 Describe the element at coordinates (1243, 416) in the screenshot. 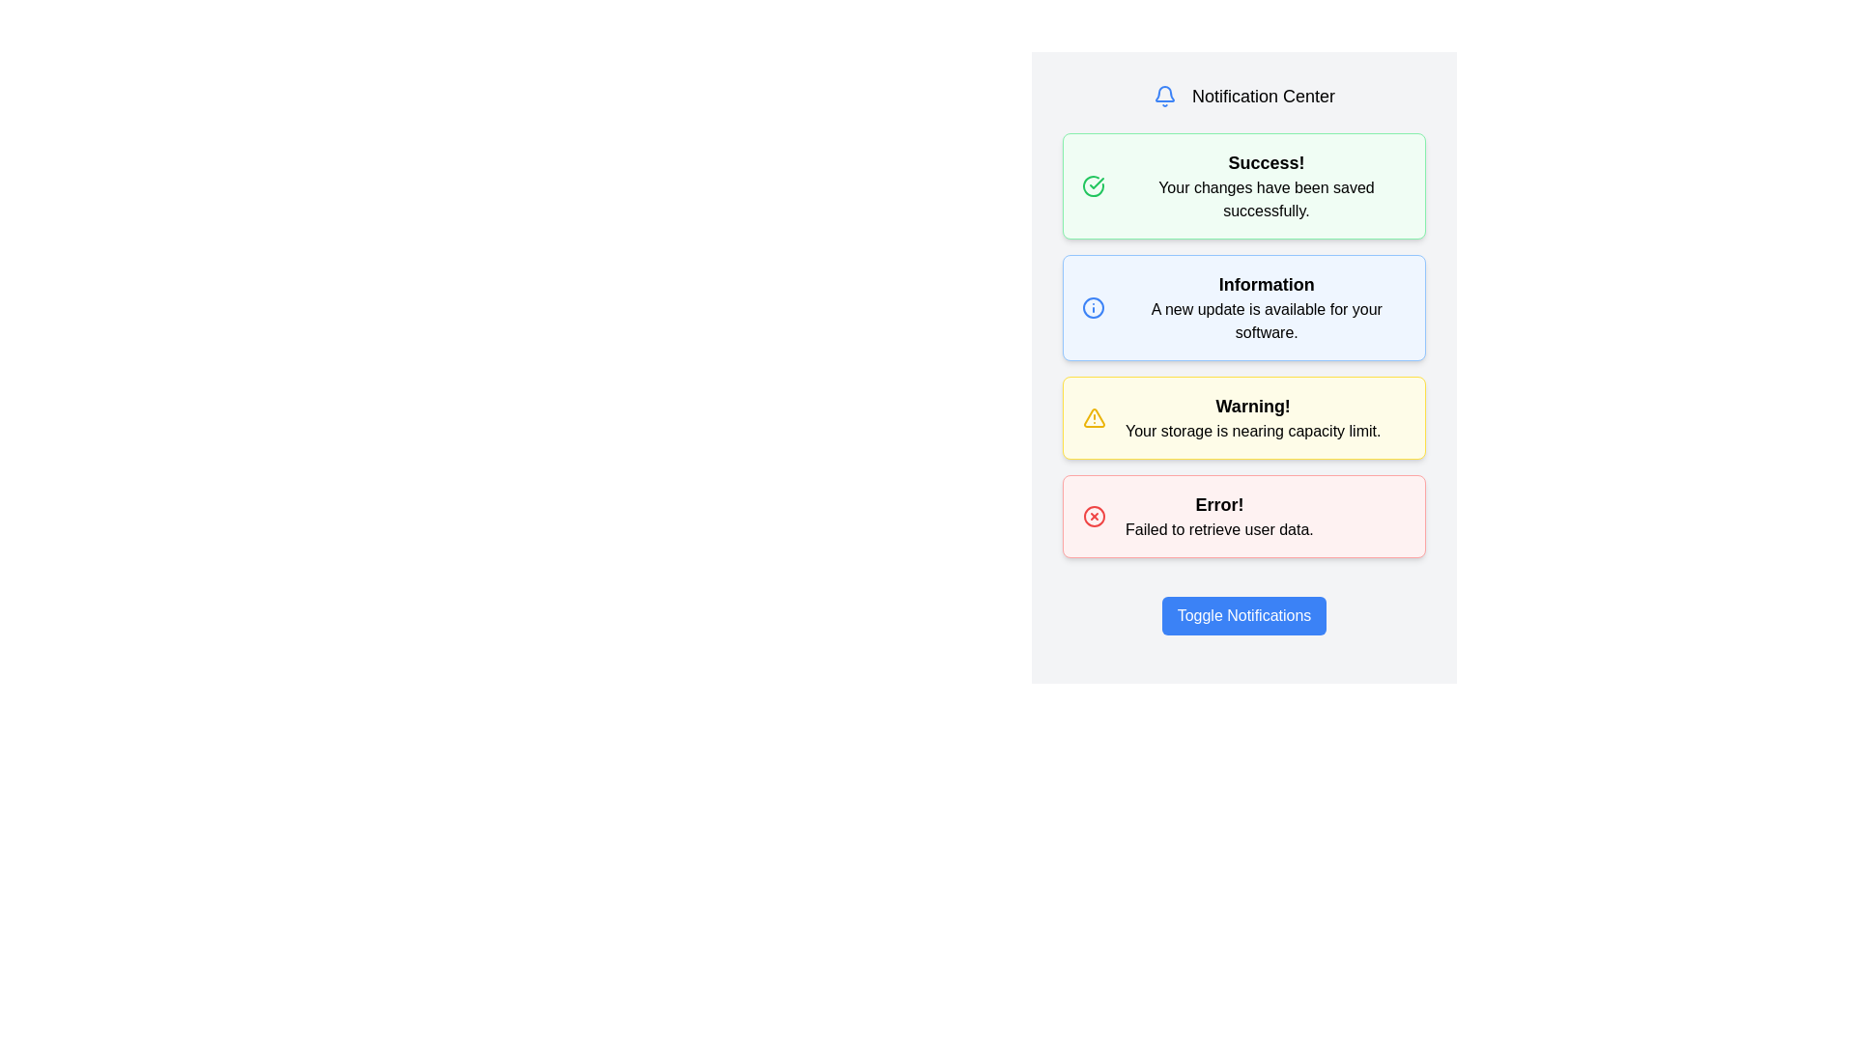

I see `text displayed within the Notification Box that alerts the user about storage capacity nearing its limit, positioned third in the Notification Center interface` at that location.